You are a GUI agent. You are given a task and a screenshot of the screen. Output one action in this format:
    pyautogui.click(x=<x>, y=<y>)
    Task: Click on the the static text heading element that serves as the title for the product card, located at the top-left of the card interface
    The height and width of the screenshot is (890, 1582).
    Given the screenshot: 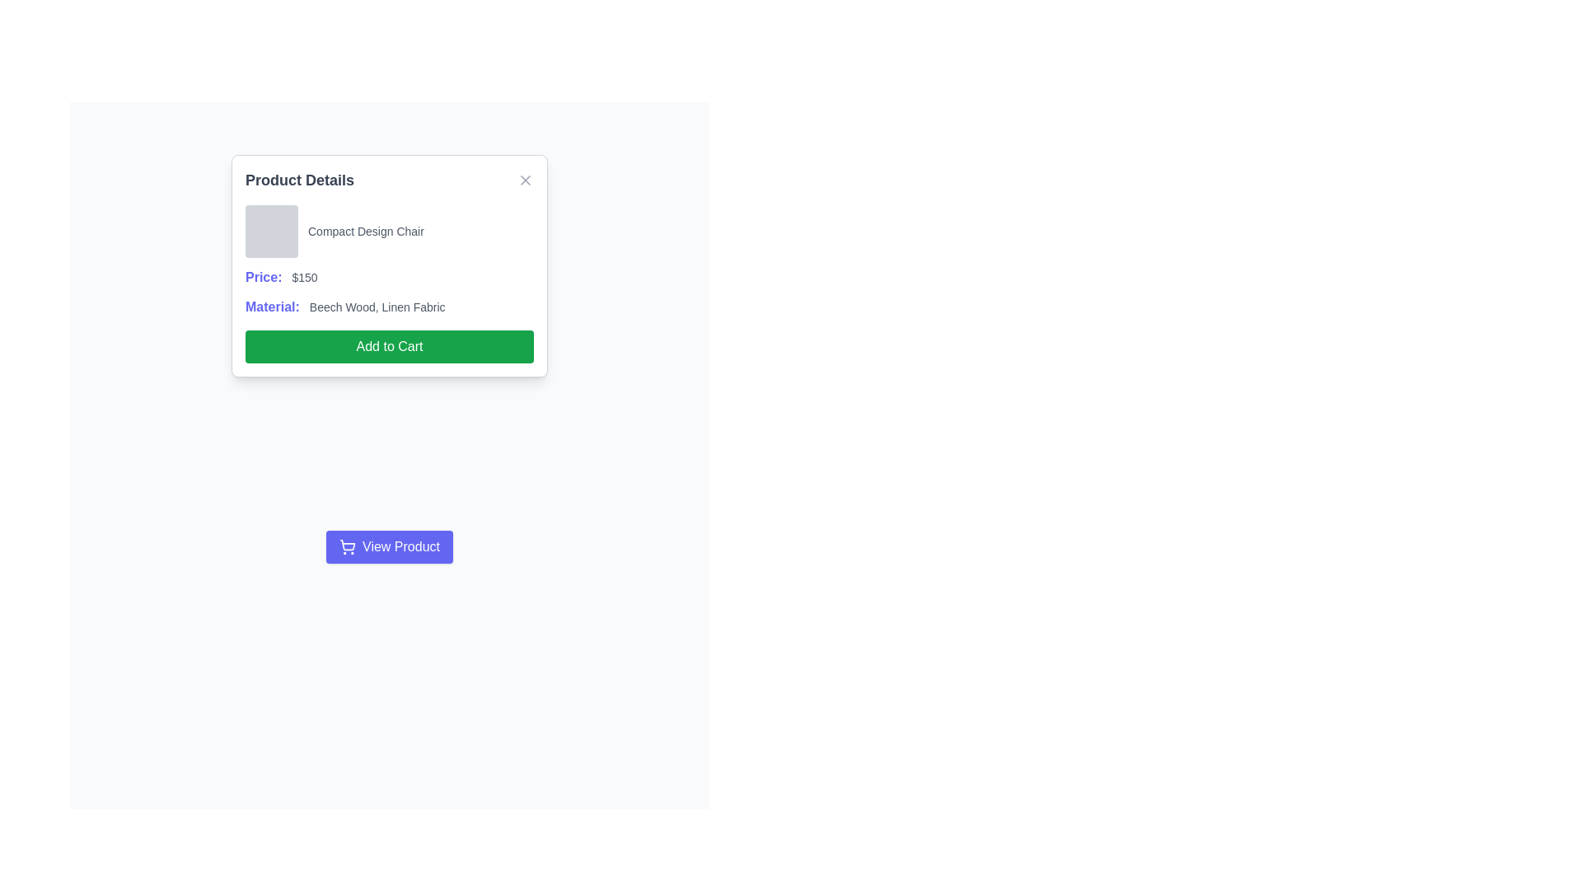 What is the action you would take?
    pyautogui.click(x=300, y=180)
    